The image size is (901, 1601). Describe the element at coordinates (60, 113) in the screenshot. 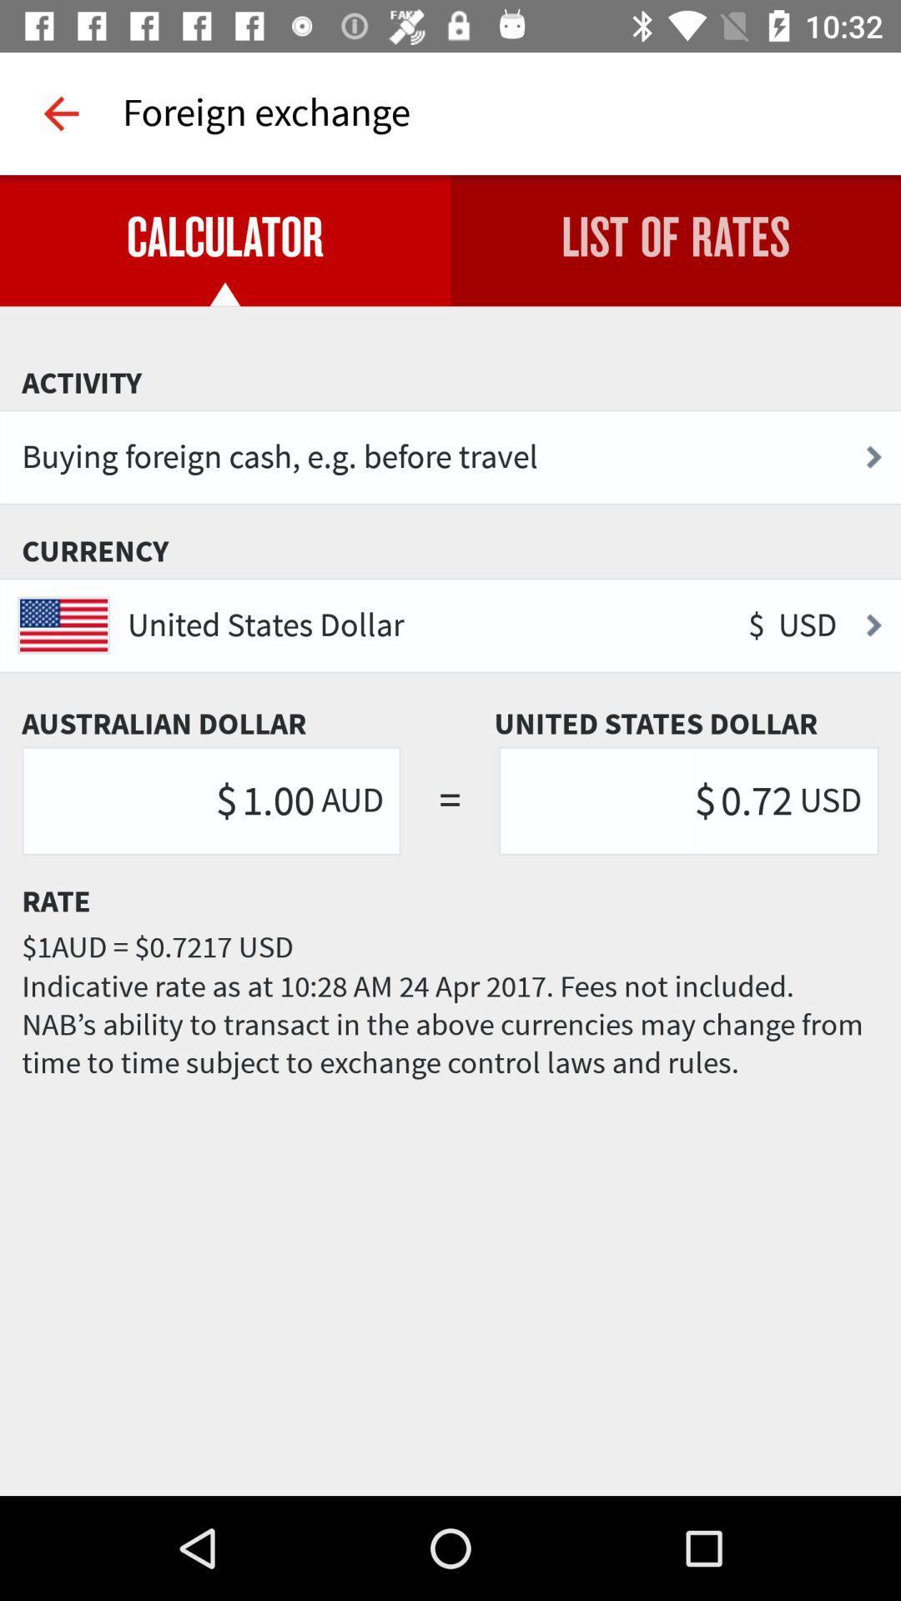

I see `the item next to foreign exchange item` at that location.